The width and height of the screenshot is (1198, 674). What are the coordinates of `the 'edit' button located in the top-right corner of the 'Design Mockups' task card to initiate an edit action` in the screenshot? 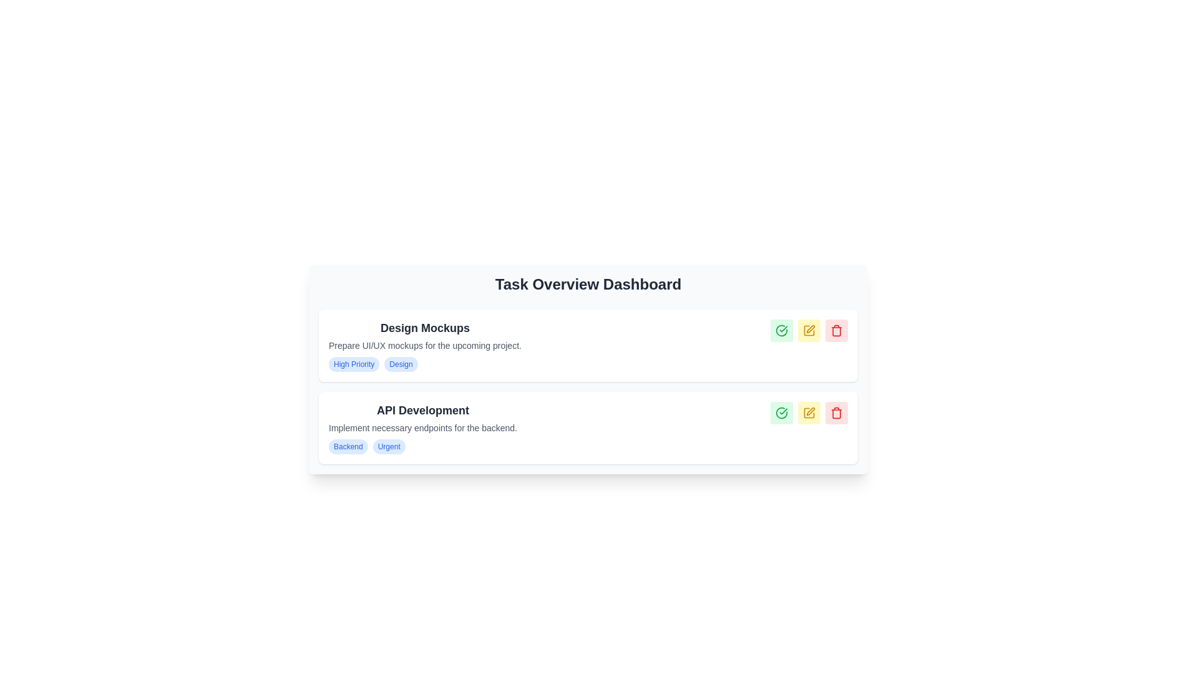 It's located at (809, 330).